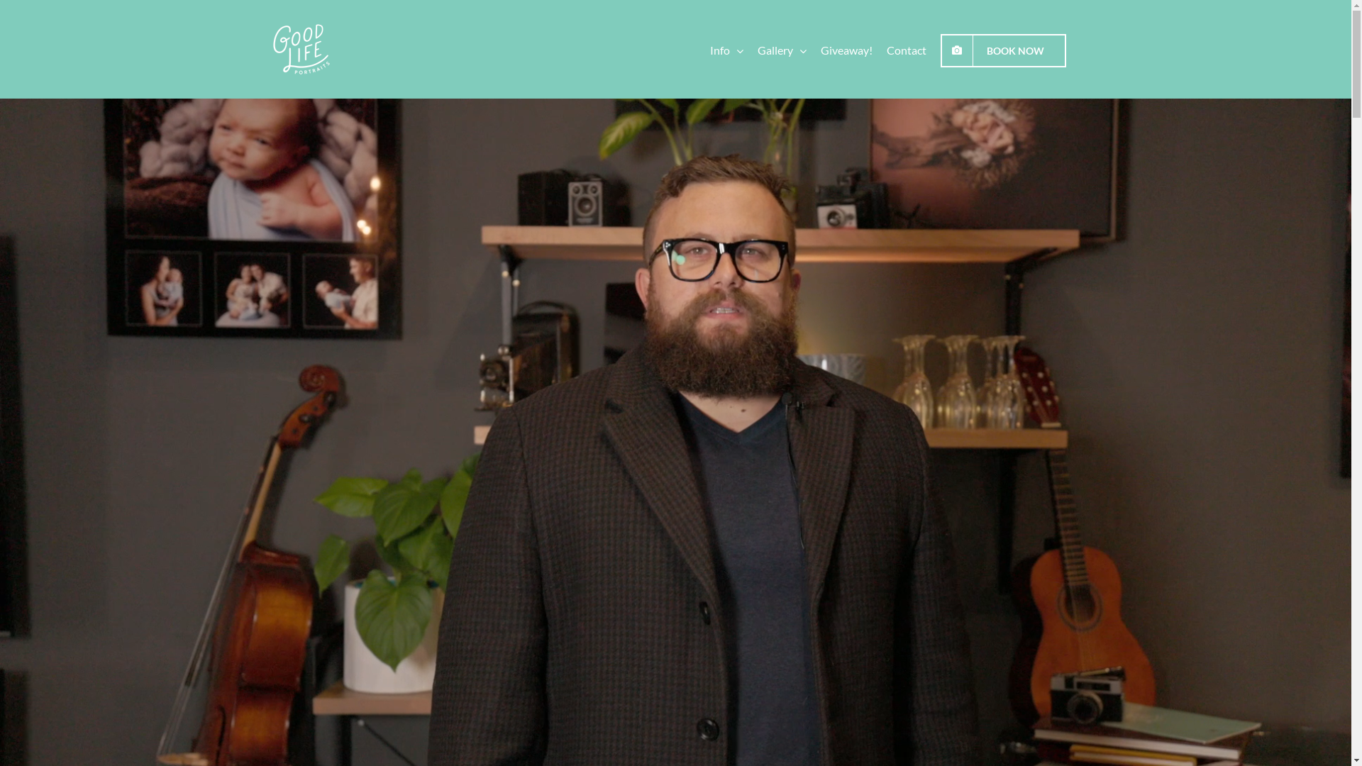 The height and width of the screenshot is (766, 1362). I want to click on 'Info', so click(726, 48).